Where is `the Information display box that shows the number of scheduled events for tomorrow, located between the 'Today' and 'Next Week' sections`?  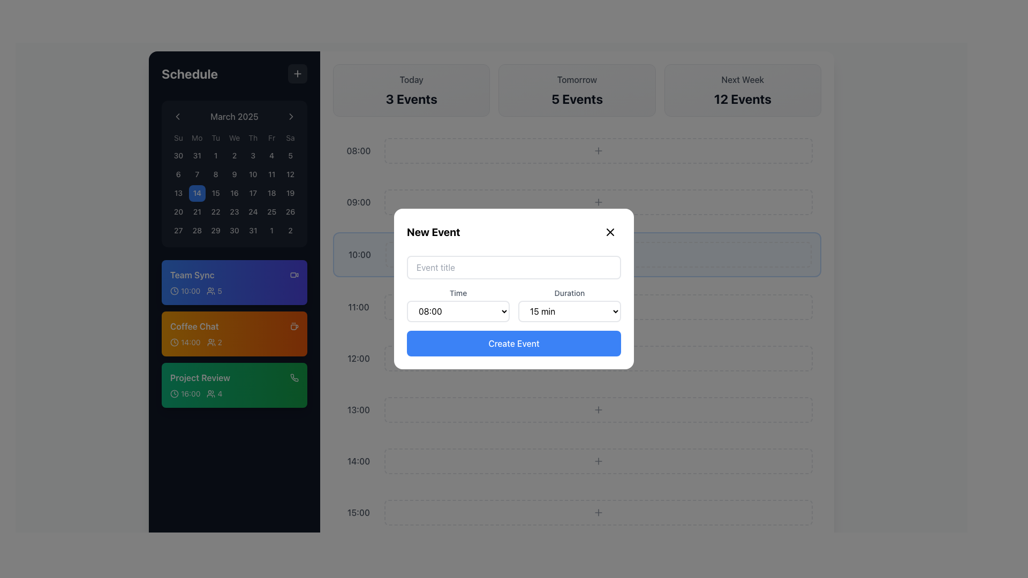 the Information display box that shows the number of scheduled events for tomorrow, located between the 'Today' and 'Next Week' sections is located at coordinates (577, 90).